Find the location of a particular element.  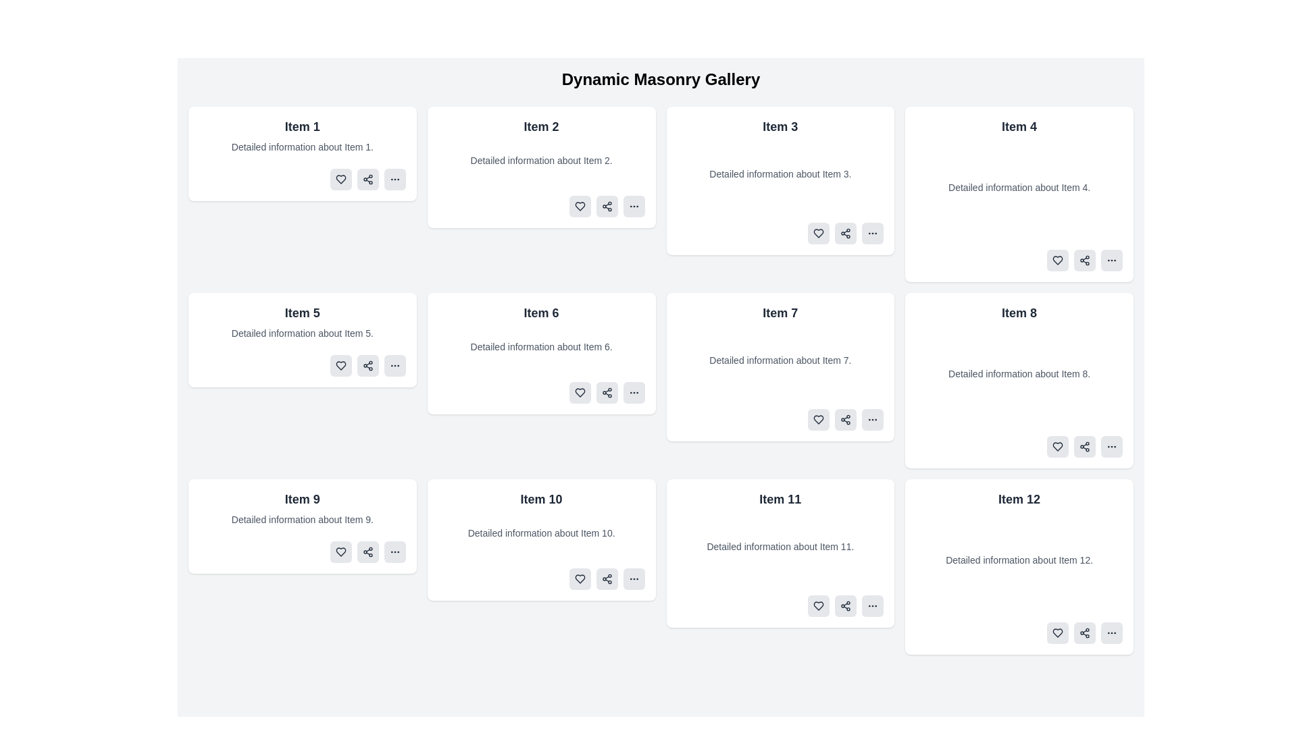

the small heart icon outlined in a thin black stroke within the minimalistic button design, located is located at coordinates (1057, 447).